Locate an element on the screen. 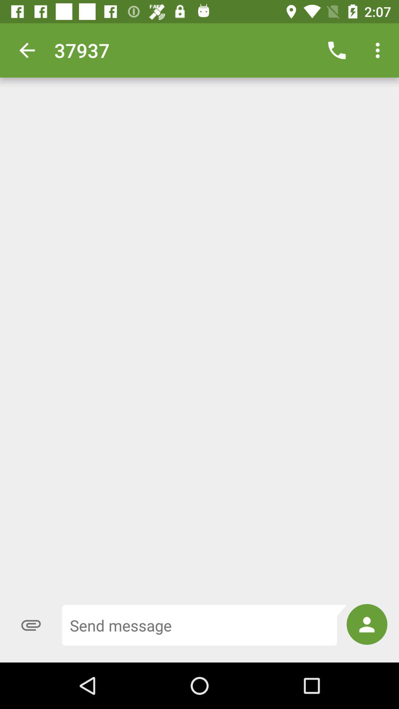 Image resolution: width=399 pixels, height=709 pixels. item next to the 37937 item is located at coordinates (337, 50).